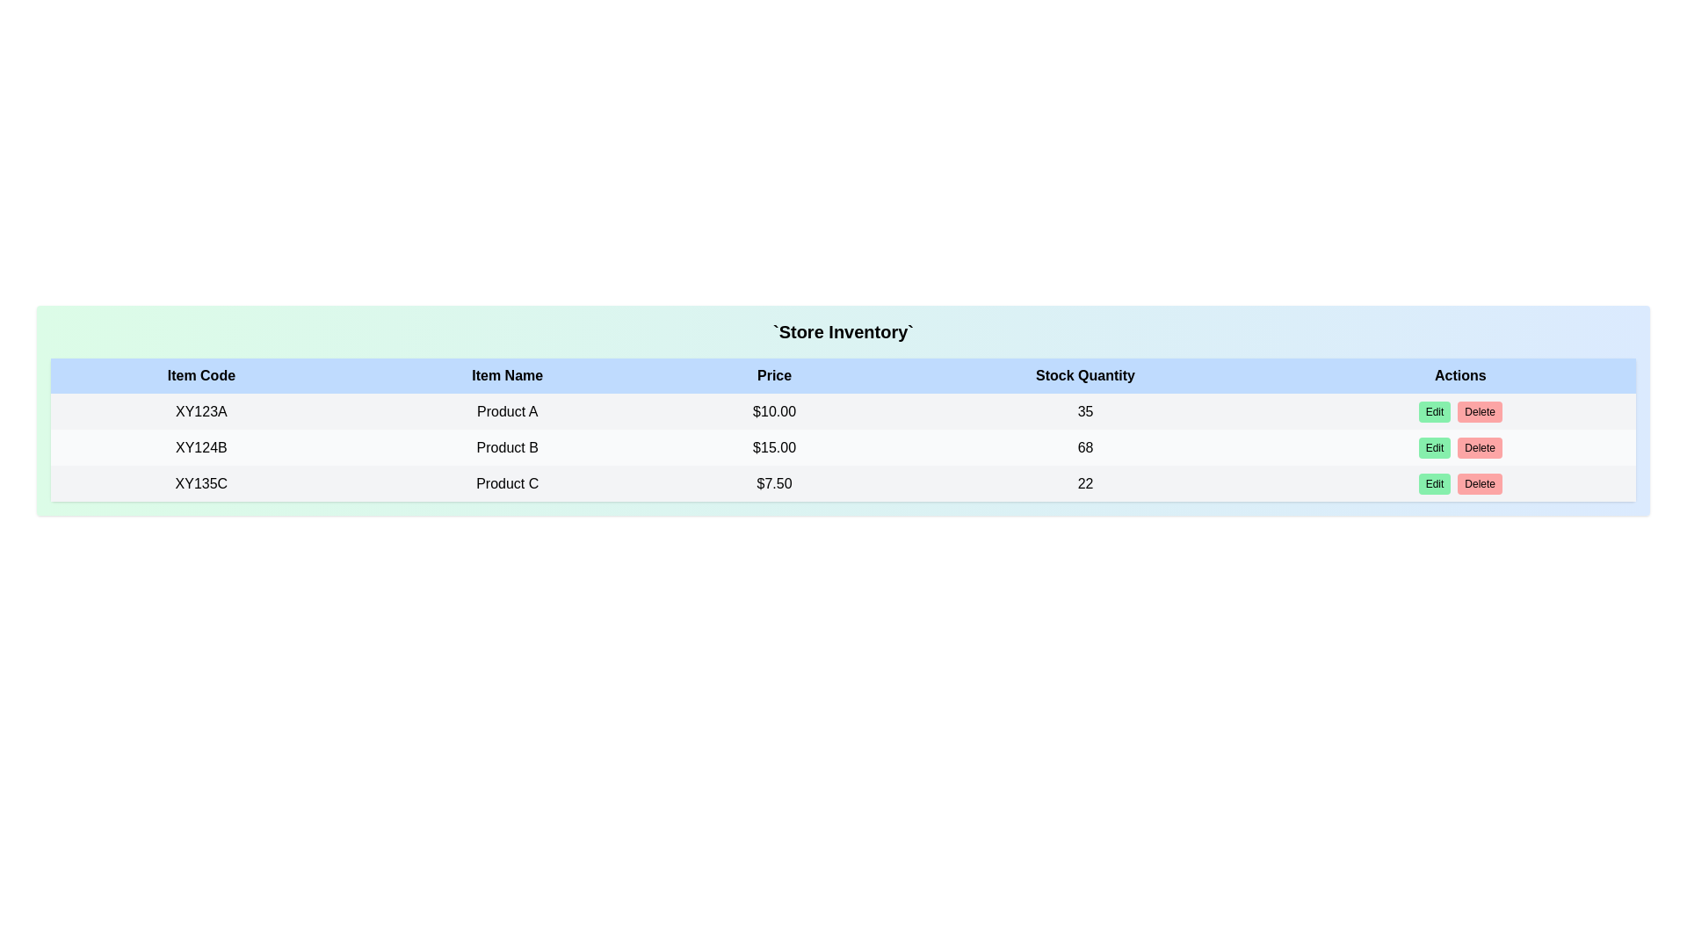 This screenshot has width=1687, height=949. Describe the element at coordinates (506, 411) in the screenshot. I see `the text component labeled 'Product A' in the 'Item Name' column of the store inventory interface` at that location.